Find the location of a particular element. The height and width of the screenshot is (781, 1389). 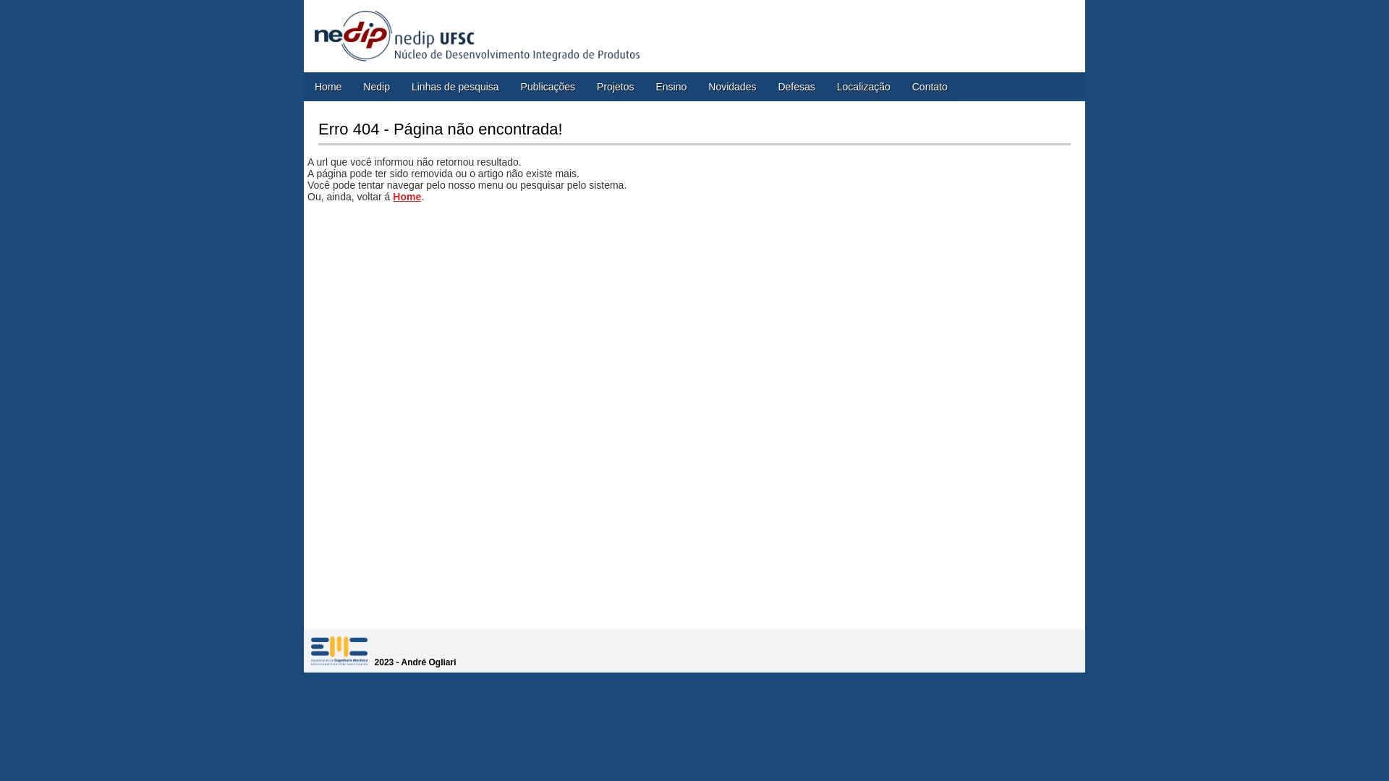

'Nedip' is located at coordinates (376, 86).